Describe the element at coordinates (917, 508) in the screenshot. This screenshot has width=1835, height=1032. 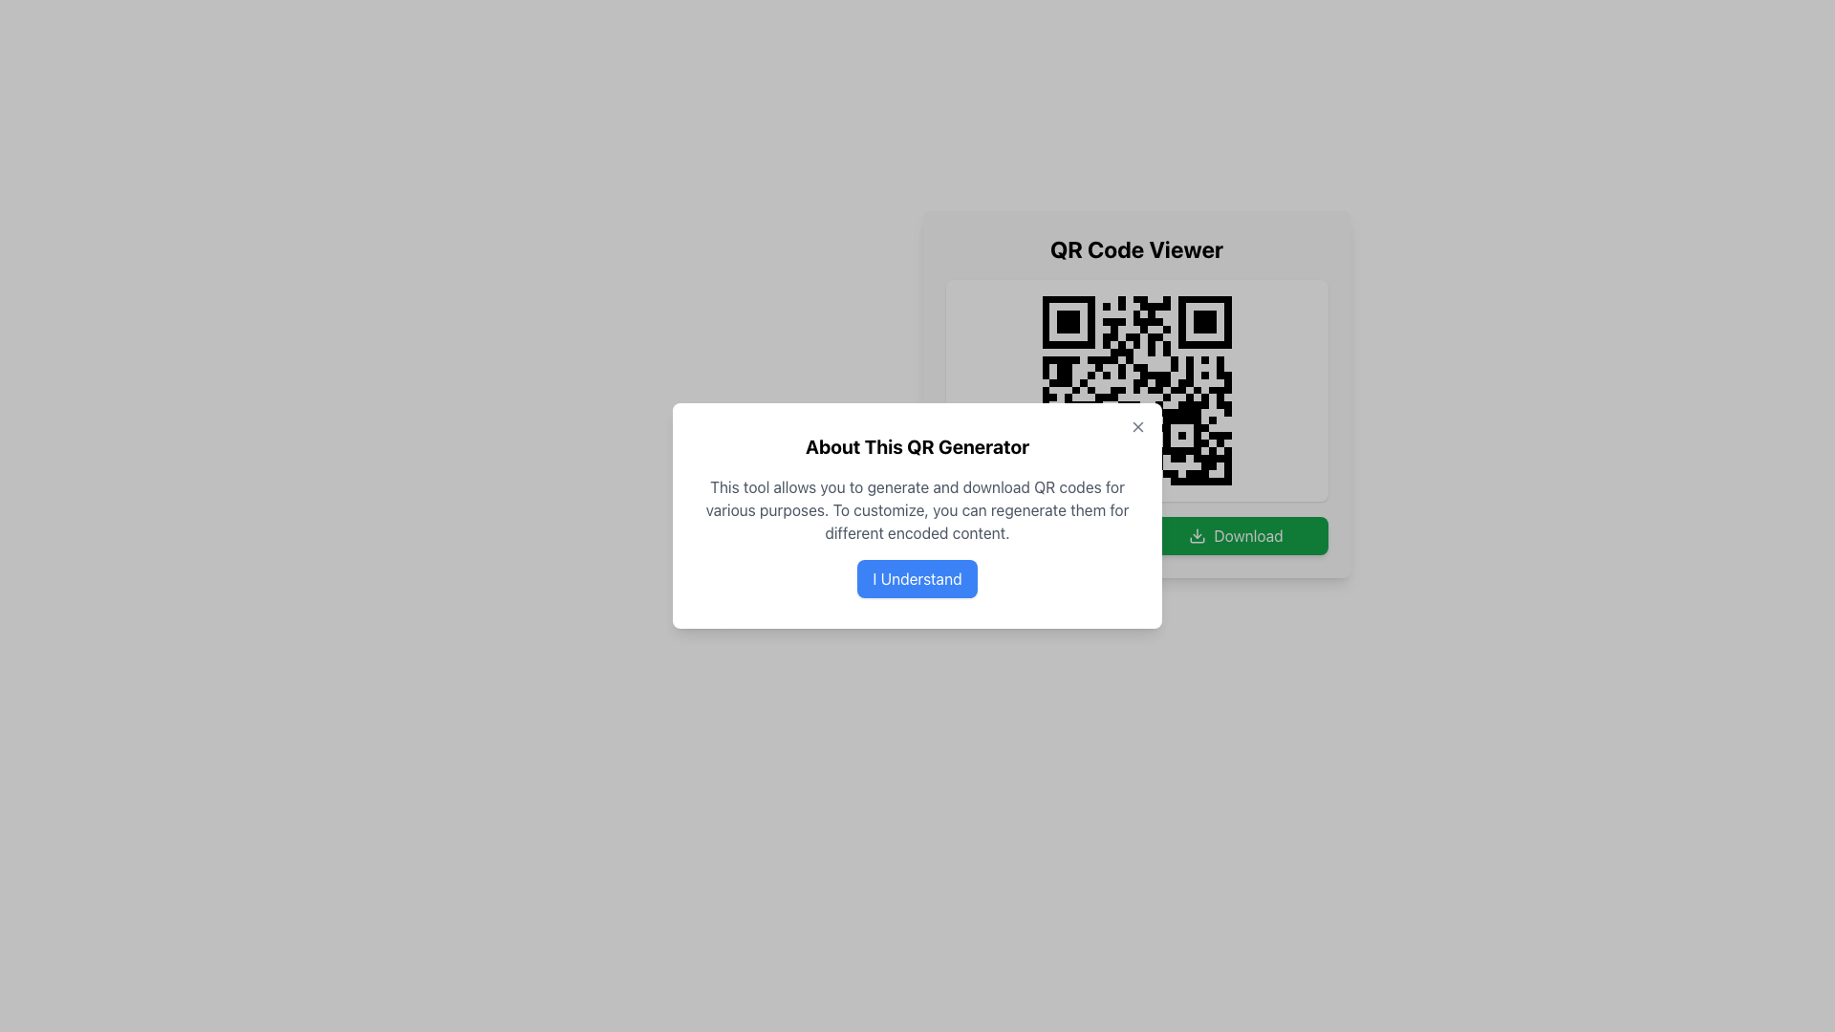
I see `the descriptive text content that explains the QR code generator, located in the middle section below the heading 'About This QR Generator' and above the button 'I Understand.'` at that location.